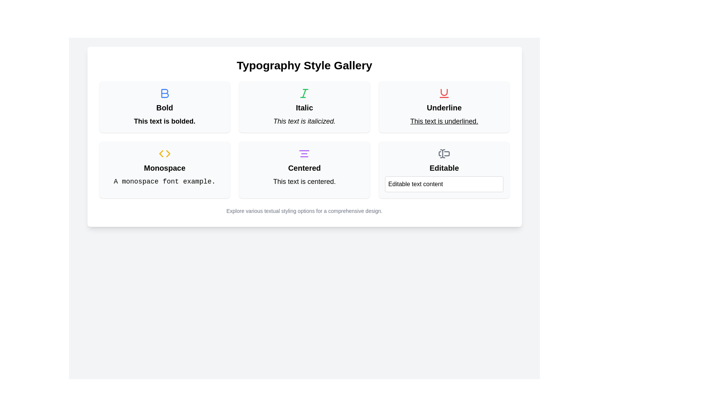 The image size is (724, 407). What do you see at coordinates (304, 153) in the screenshot?
I see `the purple circular icon with three horizontal lines, located in the card labeled 'Centered', situated above the text 'Centered'` at bounding box center [304, 153].